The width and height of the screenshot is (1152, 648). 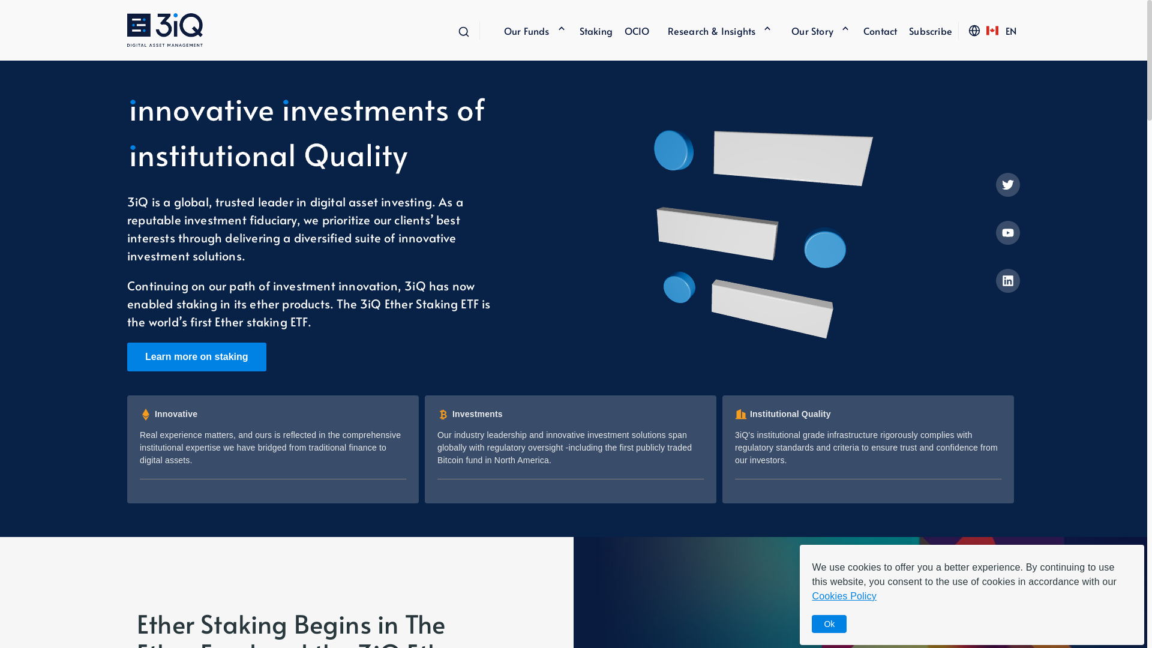 What do you see at coordinates (843, 596) in the screenshot?
I see `'Cookies Policy'` at bounding box center [843, 596].